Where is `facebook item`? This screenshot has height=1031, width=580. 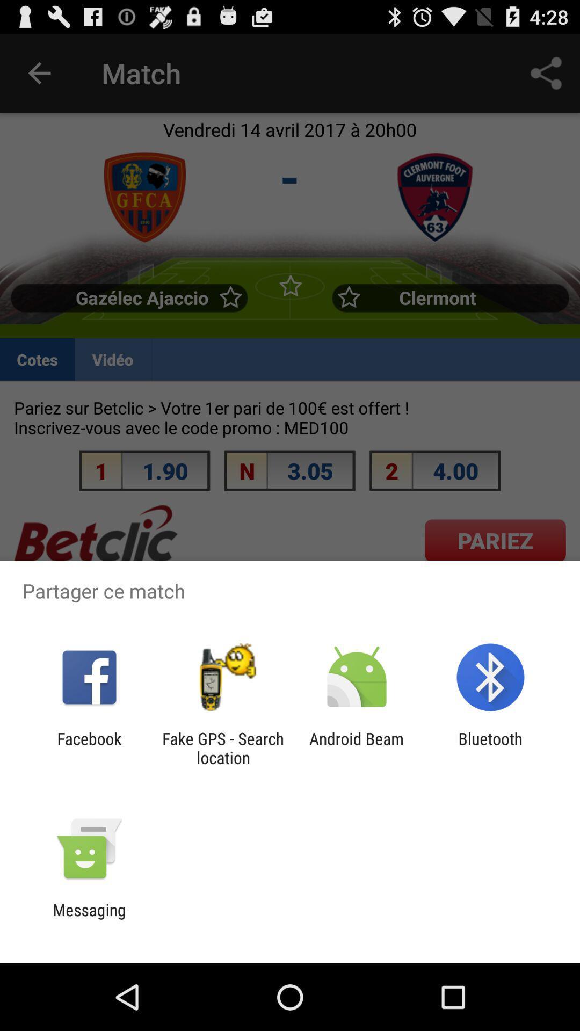
facebook item is located at coordinates (89, 747).